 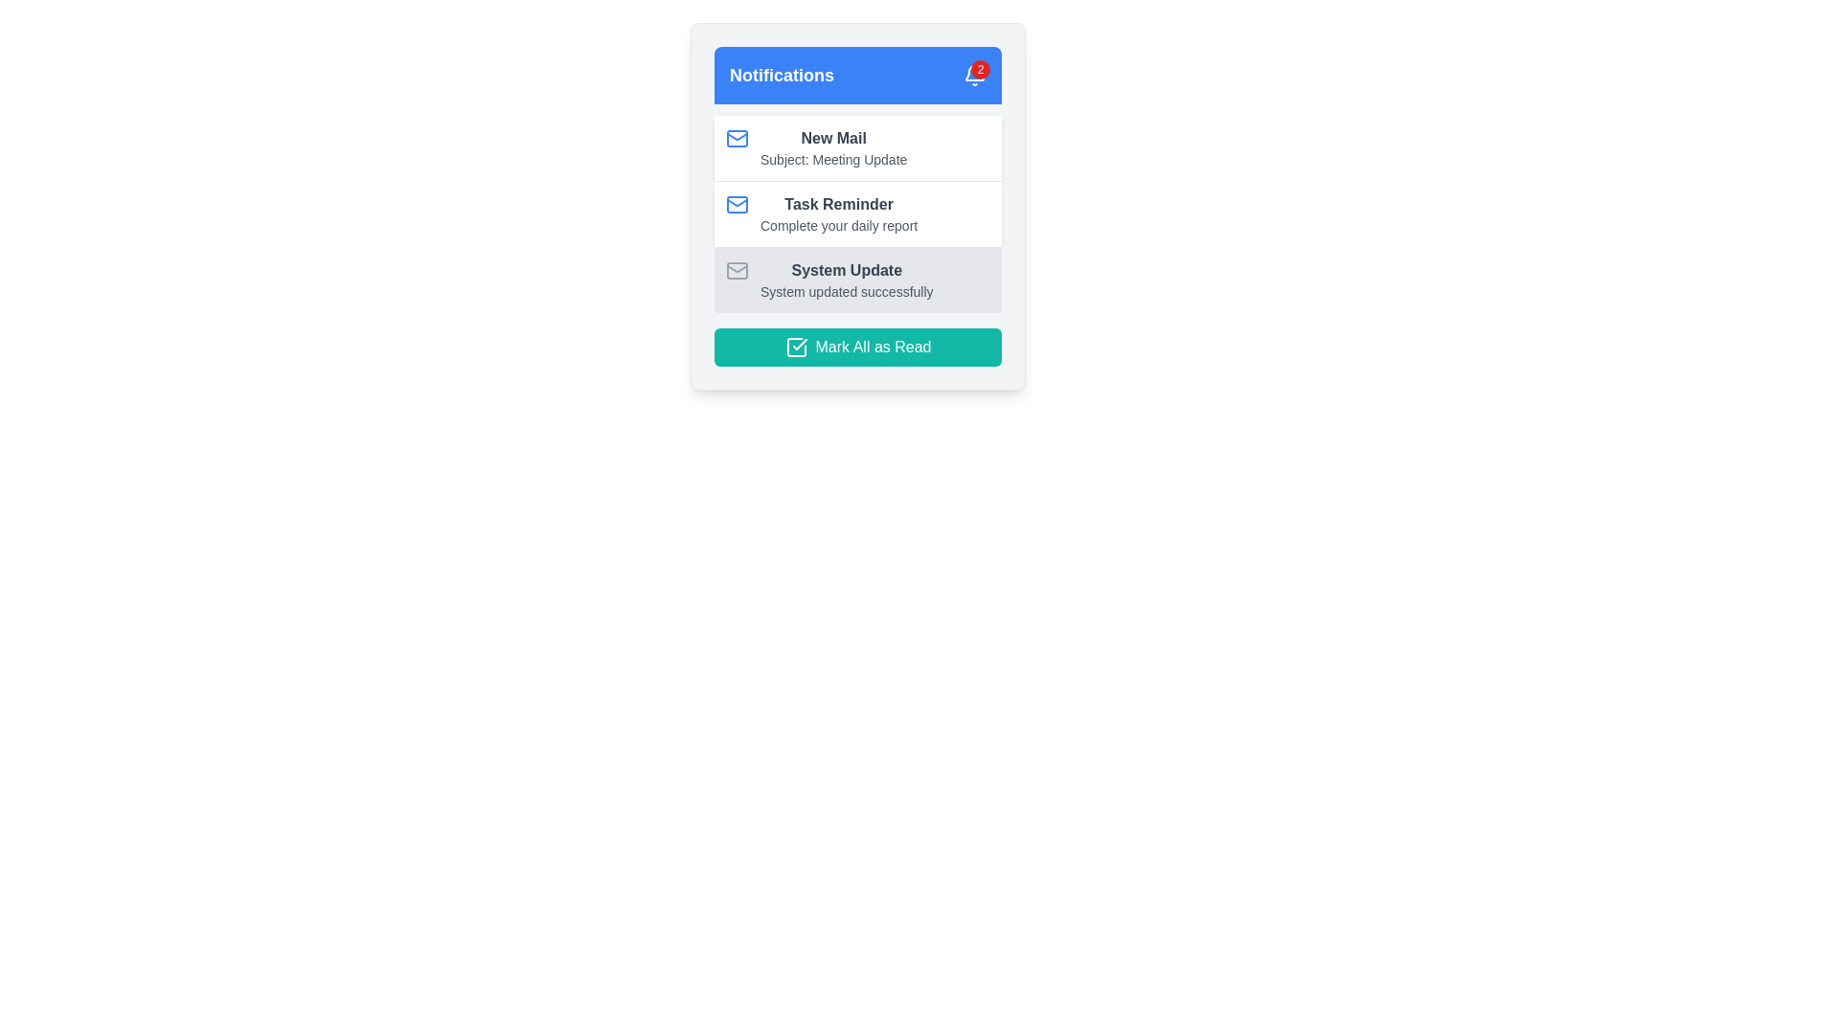 What do you see at coordinates (857, 146) in the screenshot?
I see `notification details from the first notification item or card in the notifications panel, which displays information about a new email` at bounding box center [857, 146].